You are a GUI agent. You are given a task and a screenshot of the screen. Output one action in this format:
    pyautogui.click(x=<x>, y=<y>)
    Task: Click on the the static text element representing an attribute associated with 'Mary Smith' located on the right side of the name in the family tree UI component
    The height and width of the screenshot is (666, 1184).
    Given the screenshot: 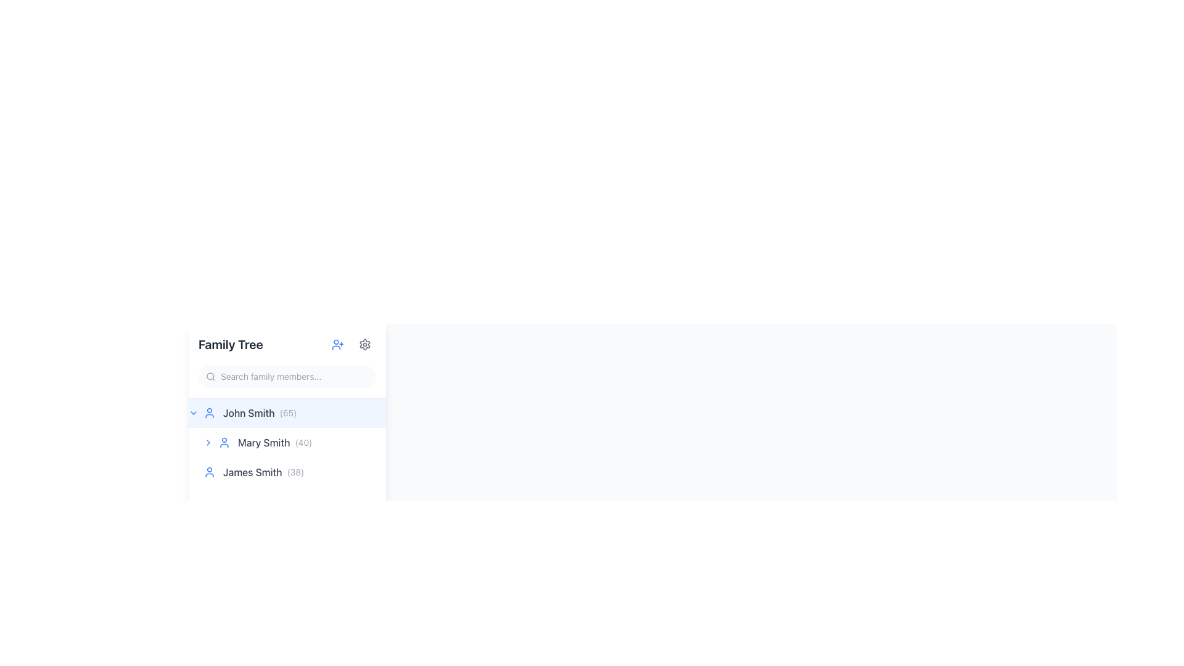 What is the action you would take?
    pyautogui.click(x=303, y=442)
    